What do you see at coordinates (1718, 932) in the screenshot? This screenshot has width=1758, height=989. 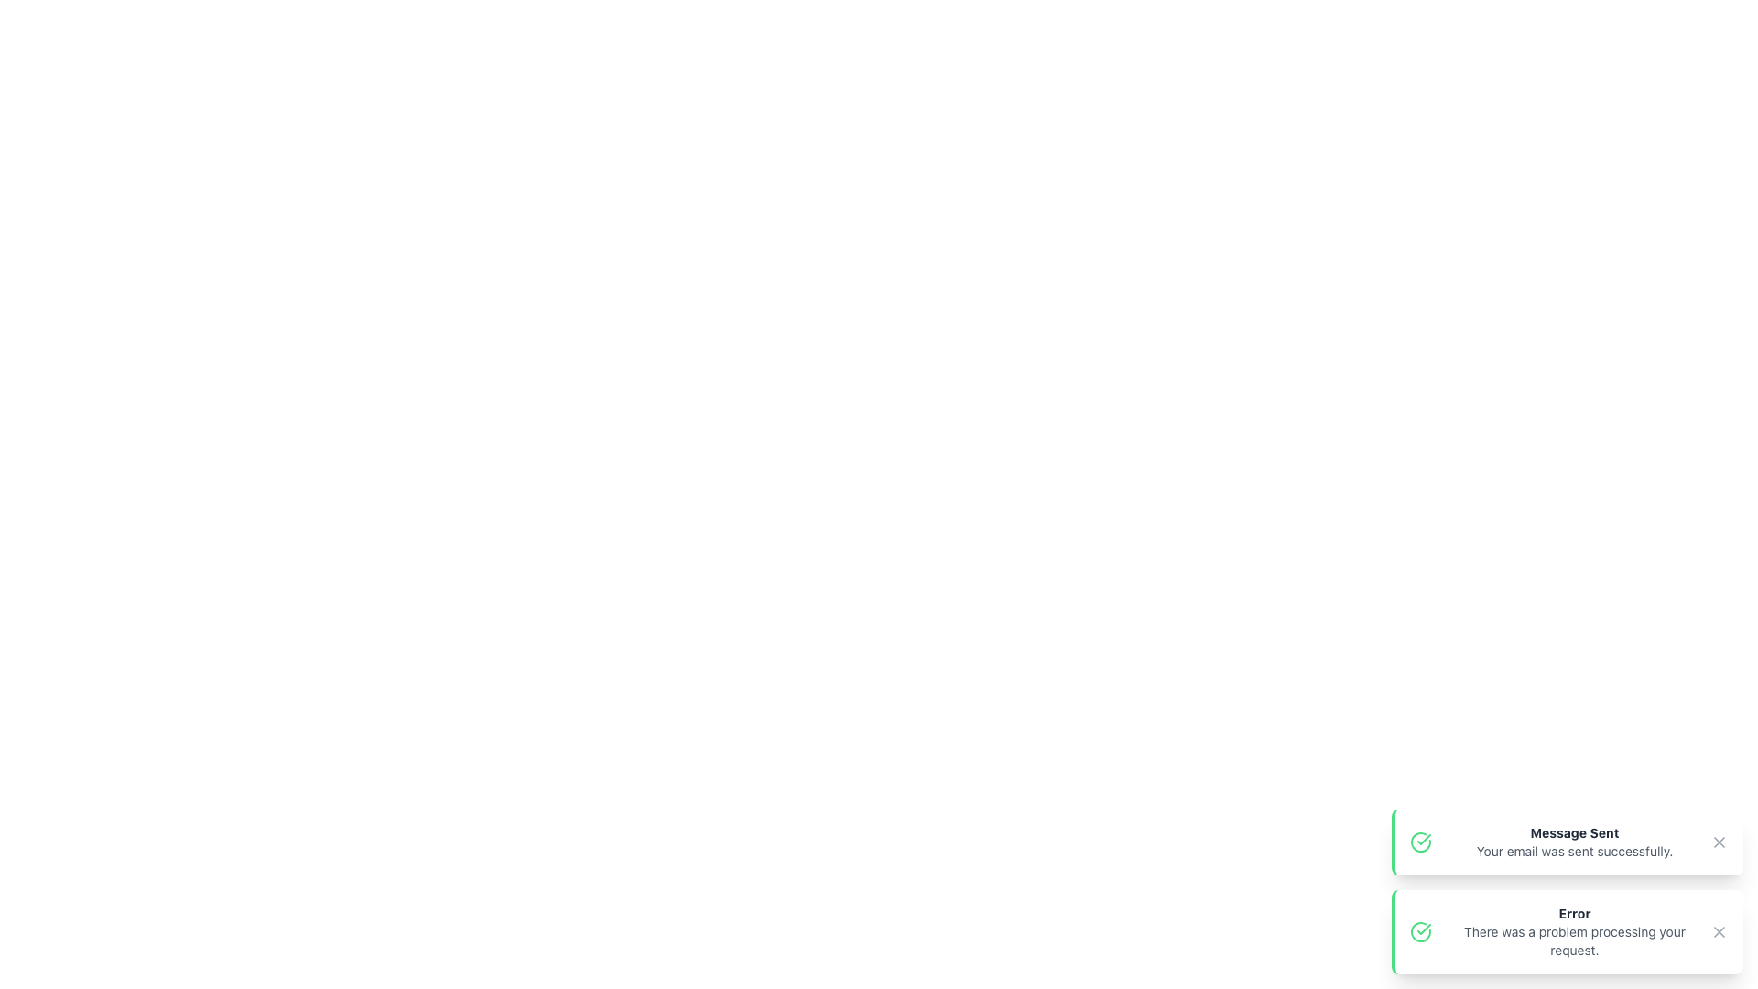 I see `the dismiss button, represented by a small 'X' icon in gray, located at the far-right corner of the bottom notification box labeled 'Error'` at bounding box center [1718, 932].